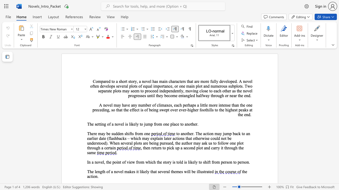 The width and height of the screenshot is (339, 190). What do you see at coordinates (89, 176) in the screenshot?
I see `the subset text "ct" within the text "the action."` at bounding box center [89, 176].